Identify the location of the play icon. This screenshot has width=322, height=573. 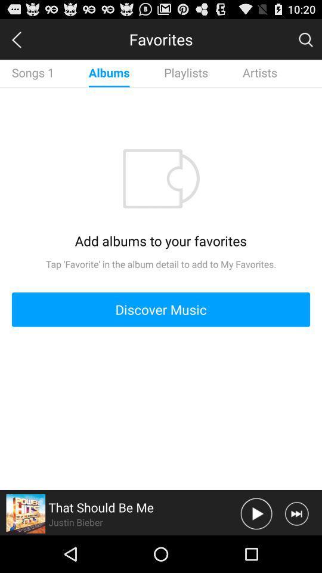
(256, 550).